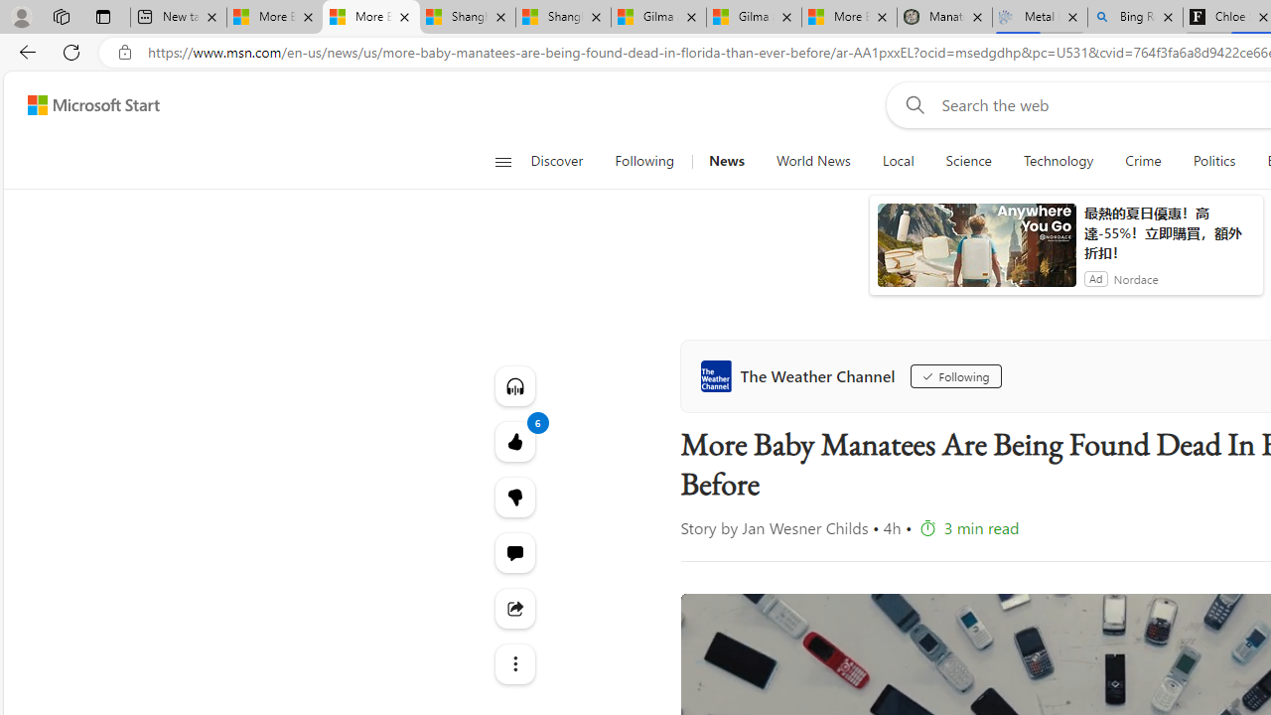 This screenshot has width=1271, height=715. Describe the element at coordinates (502, 161) in the screenshot. I see `'Class: button-glyph'` at that location.